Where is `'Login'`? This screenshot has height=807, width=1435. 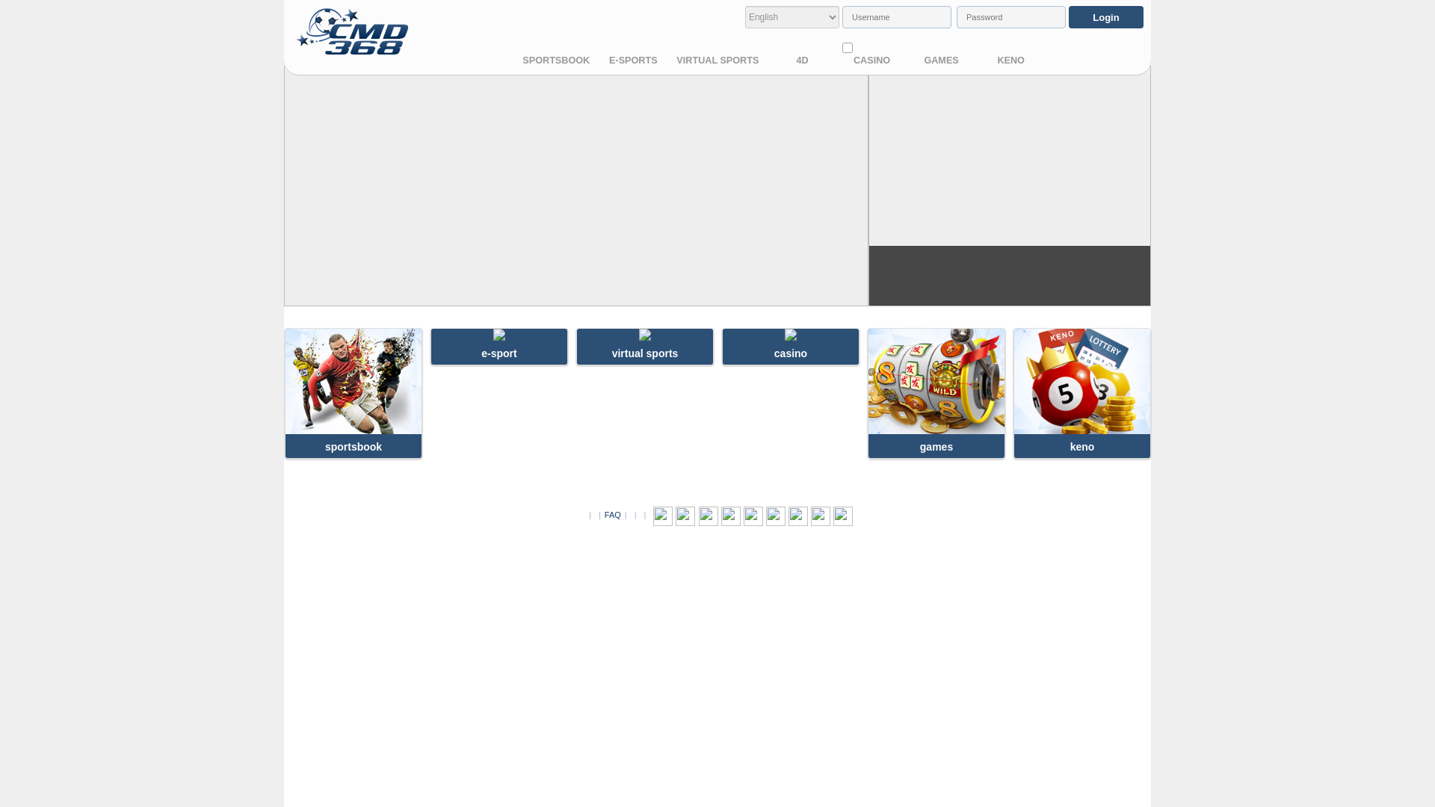
'Login' is located at coordinates (1068, 17).